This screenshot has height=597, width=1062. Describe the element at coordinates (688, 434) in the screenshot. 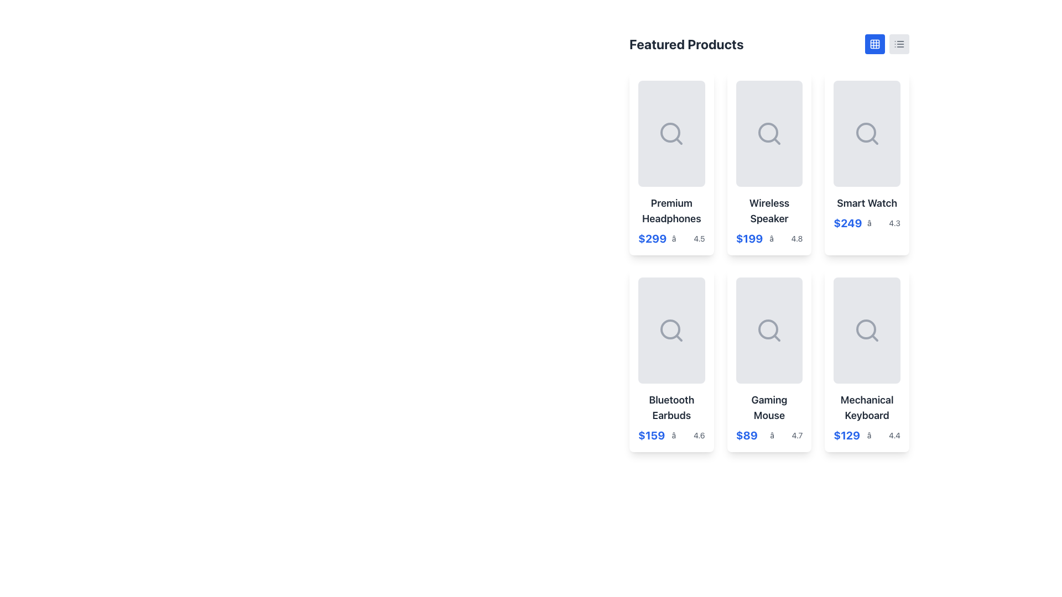

I see `the static text element with a star symbol and the numeric value '4.6' located in the lower section of the card labeled 'Bluetooth Earbuds', right next to the price label '$159'` at that location.